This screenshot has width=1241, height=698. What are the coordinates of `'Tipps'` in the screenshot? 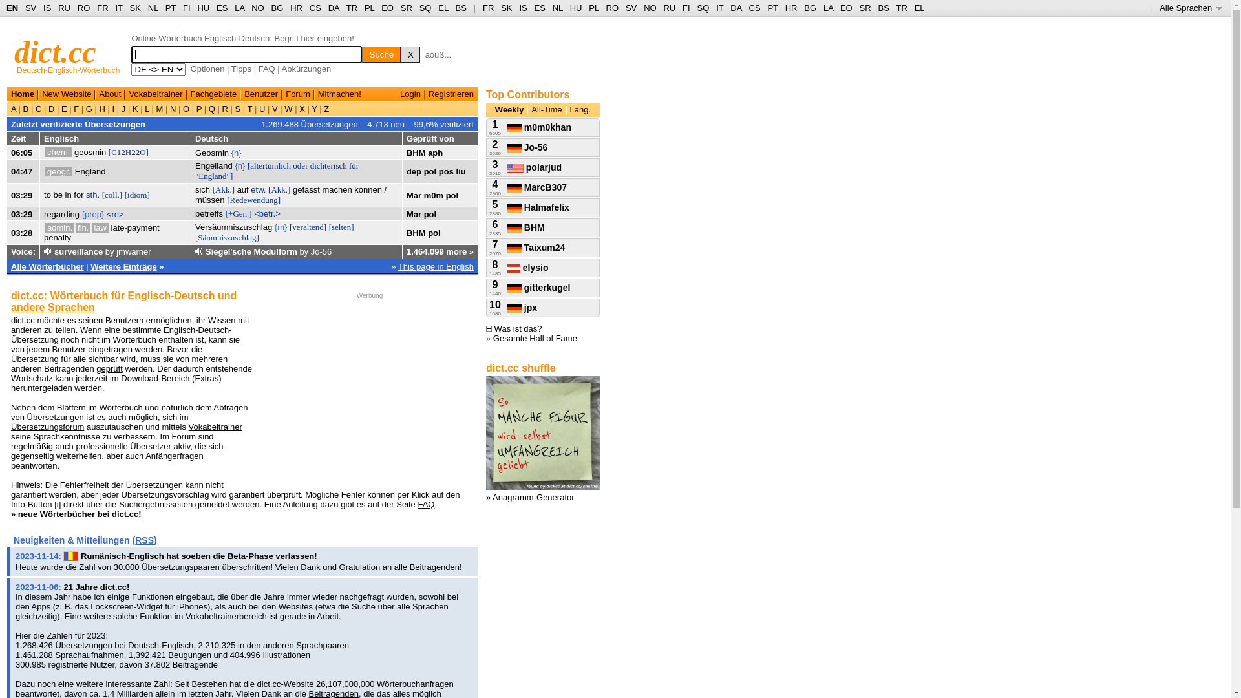 It's located at (231, 69).